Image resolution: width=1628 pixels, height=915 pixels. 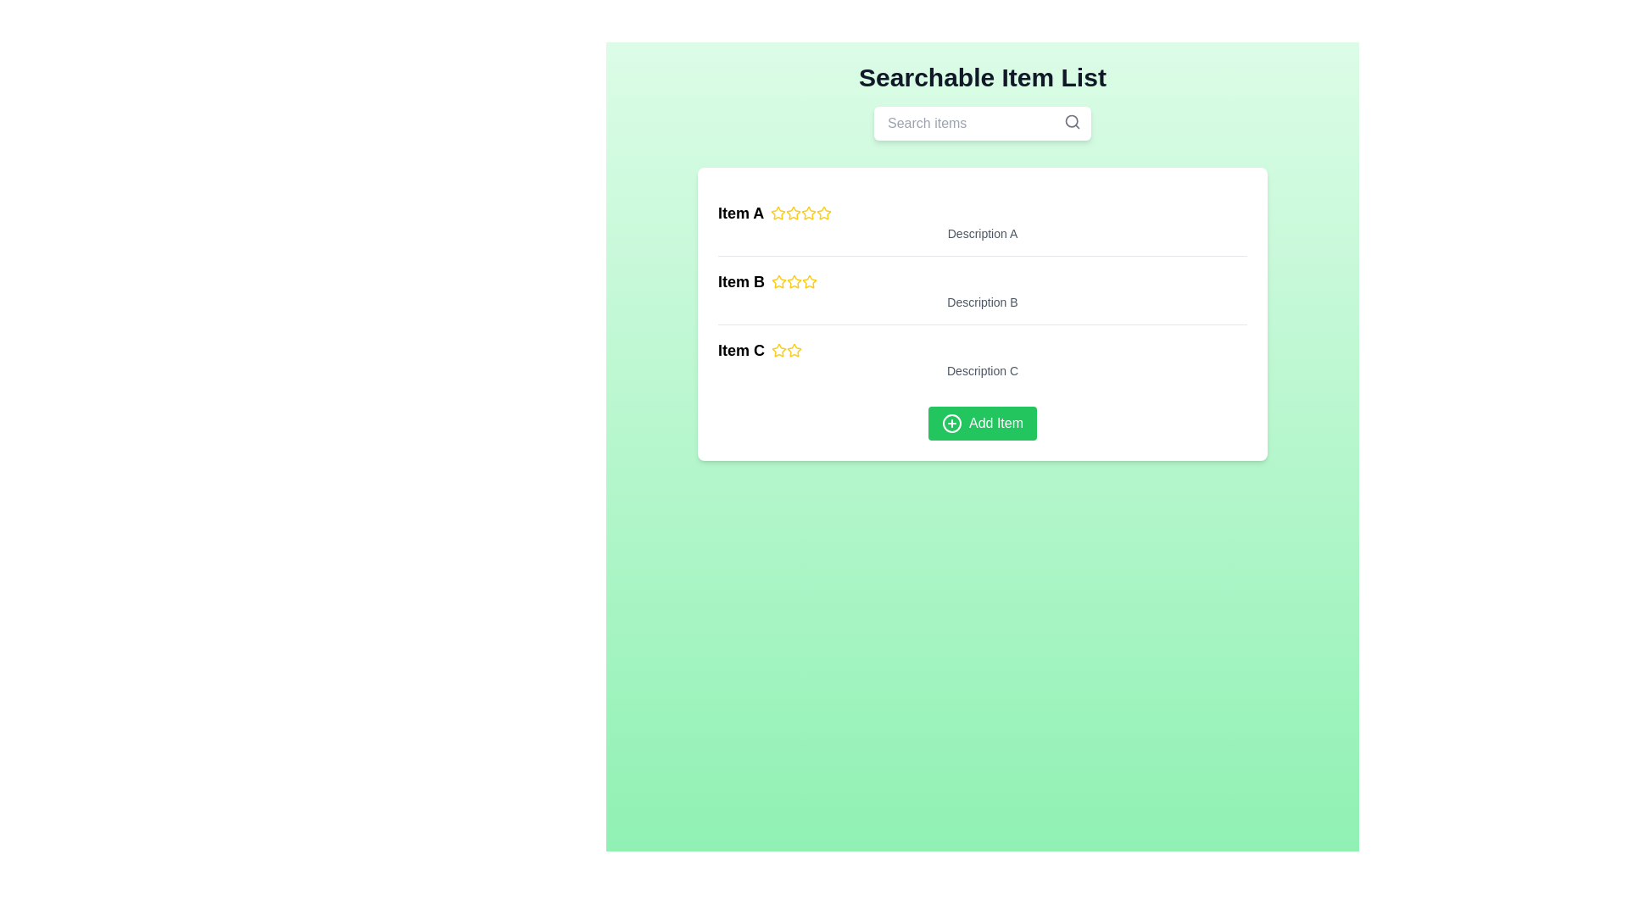 I want to click on the second yellow star icon in the rating section of 'Item B' to set a rating, so click(x=793, y=280).